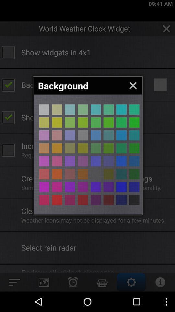 The height and width of the screenshot is (312, 175). What do you see at coordinates (121, 187) in the screenshot?
I see `blue background` at bounding box center [121, 187].